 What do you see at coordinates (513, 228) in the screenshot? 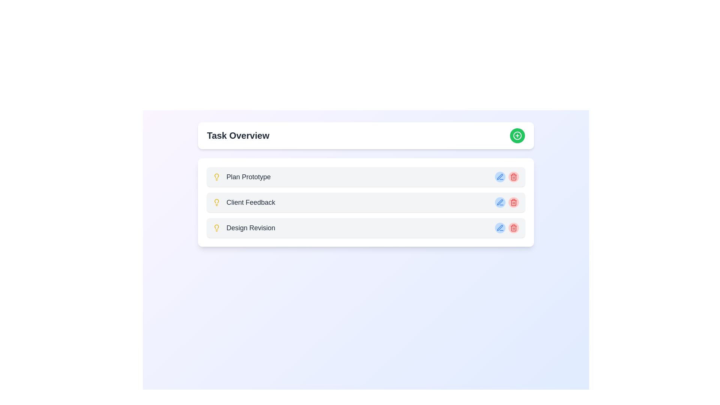
I see `the third red trash bin icon in the task list interface` at bounding box center [513, 228].